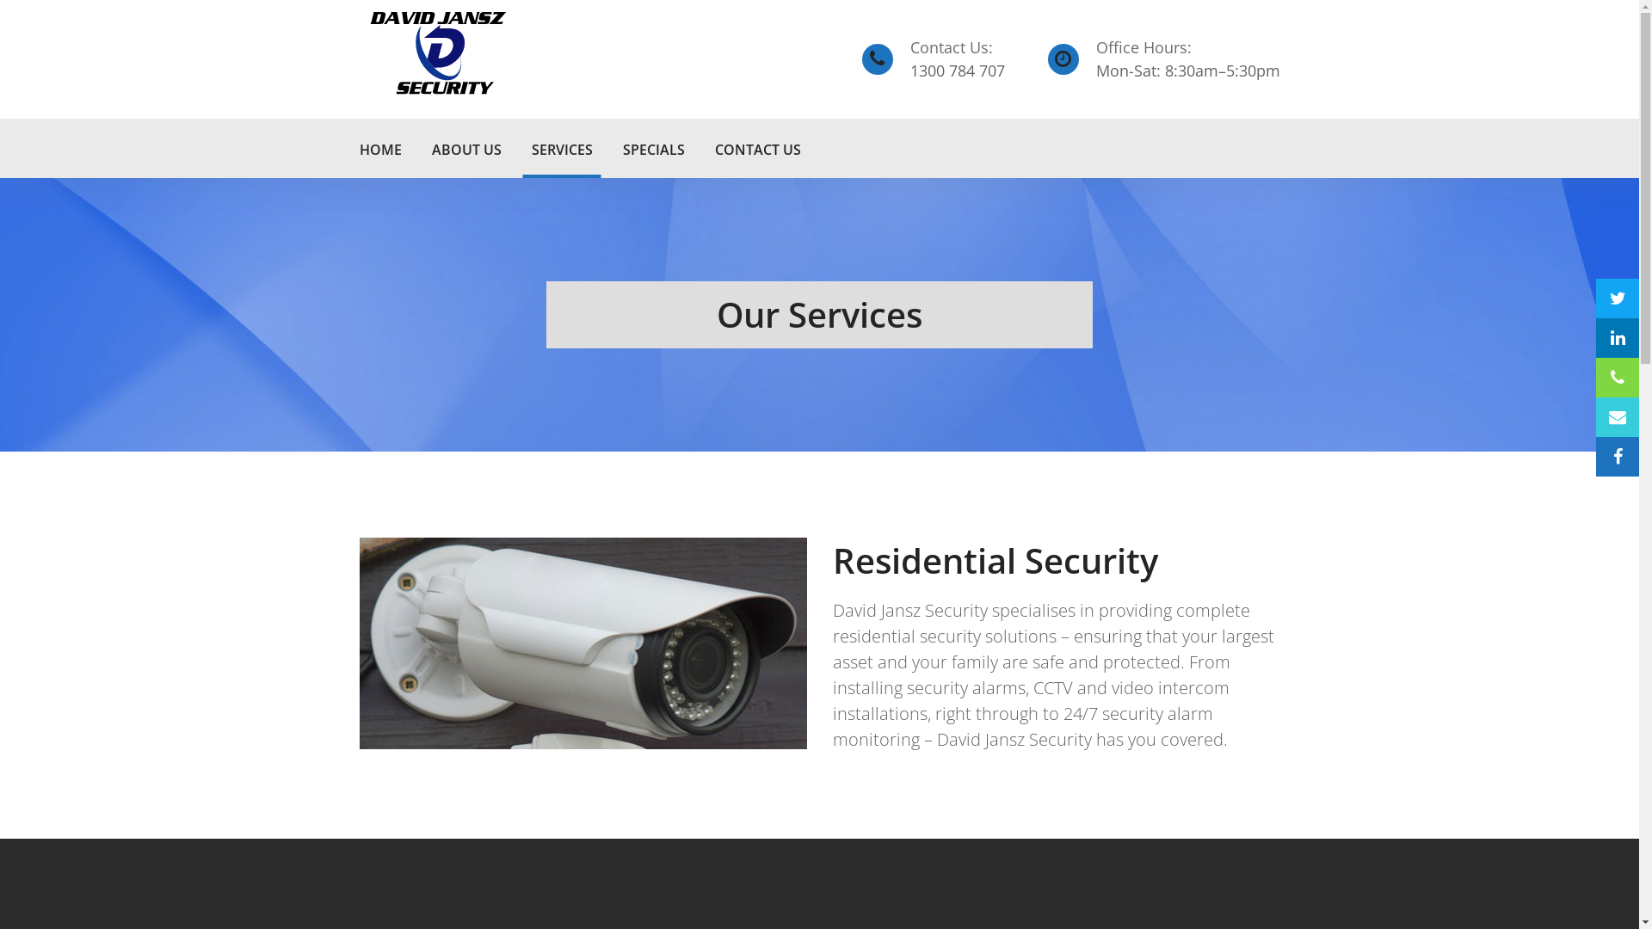  I want to click on 'HOME', so click(379, 147).